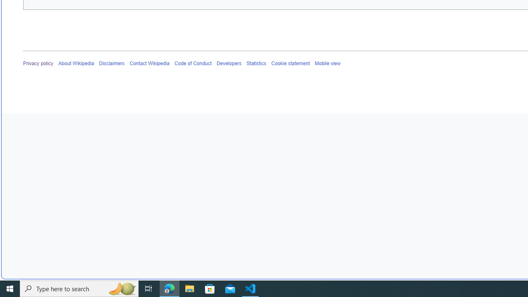 Image resolution: width=528 pixels, height=297 pixels. I want to click on 'Privacy policy', so click(38, 63).